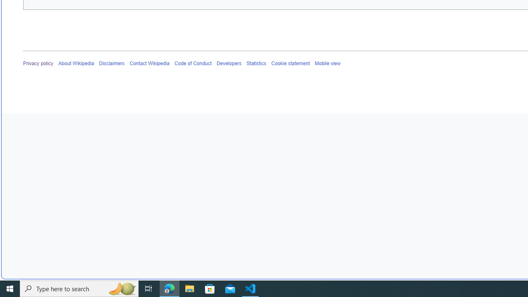 Image resolution: width=528 pixels, height=297 pixels. I want to click on 'Privacy policy', so click(38, 63).